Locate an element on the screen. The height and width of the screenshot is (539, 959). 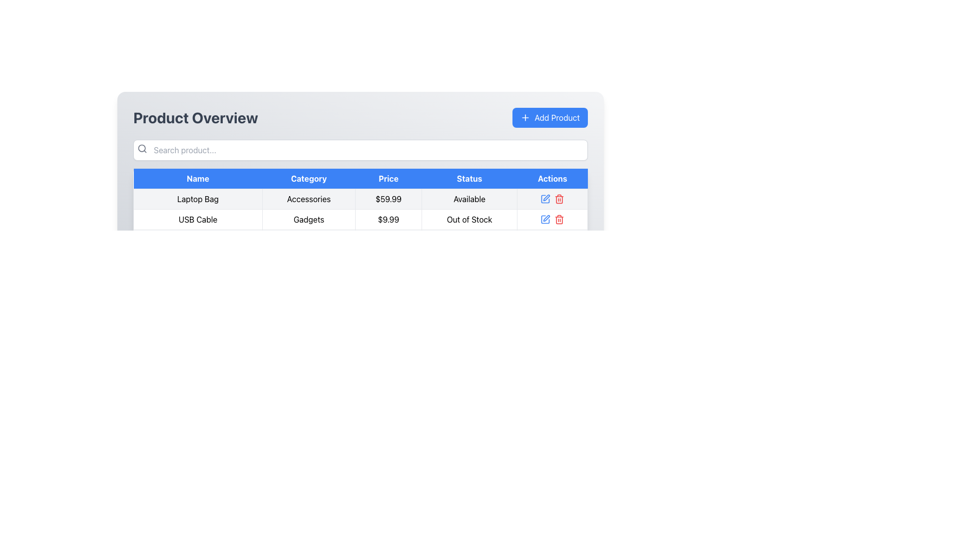
information displayed in the 'Laptop Bag' text label located in the 'Name' column of the table row is located at coordinates (198, 199).